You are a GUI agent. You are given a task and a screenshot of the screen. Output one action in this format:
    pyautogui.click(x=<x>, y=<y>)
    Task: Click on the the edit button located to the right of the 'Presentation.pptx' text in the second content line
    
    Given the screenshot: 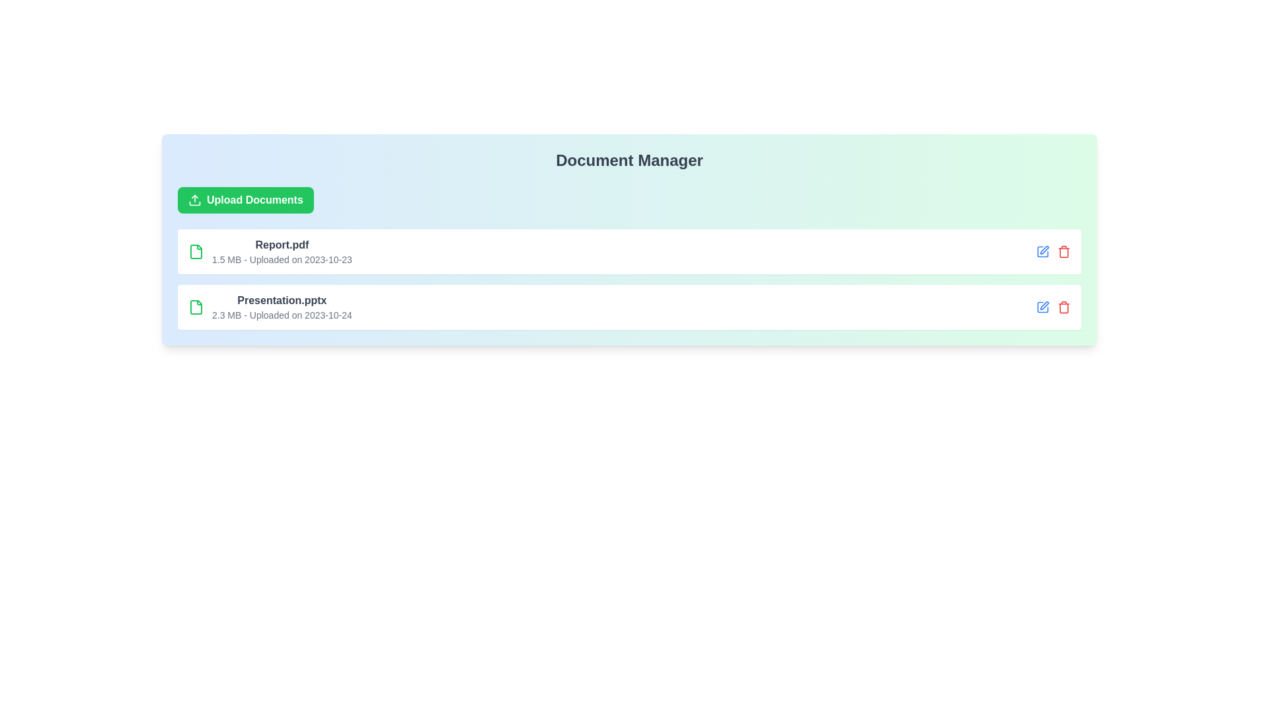 What is the action you would take?
    pyautogui.click(x=1042, y=307)
    